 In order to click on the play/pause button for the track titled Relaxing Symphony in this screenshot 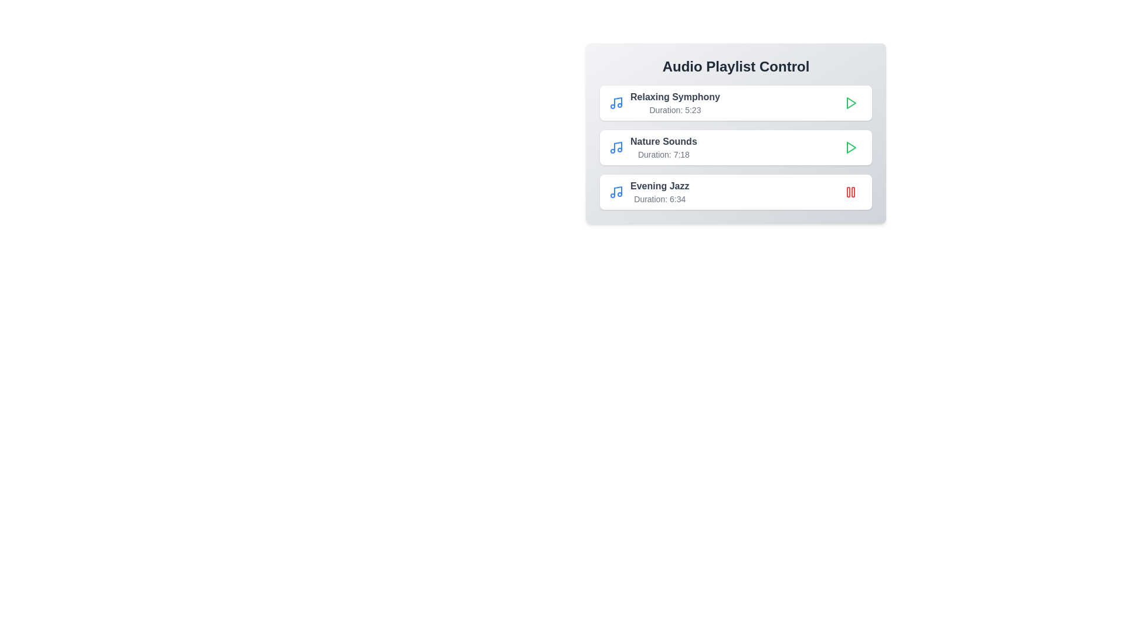, I will do `click(850, 103)`.